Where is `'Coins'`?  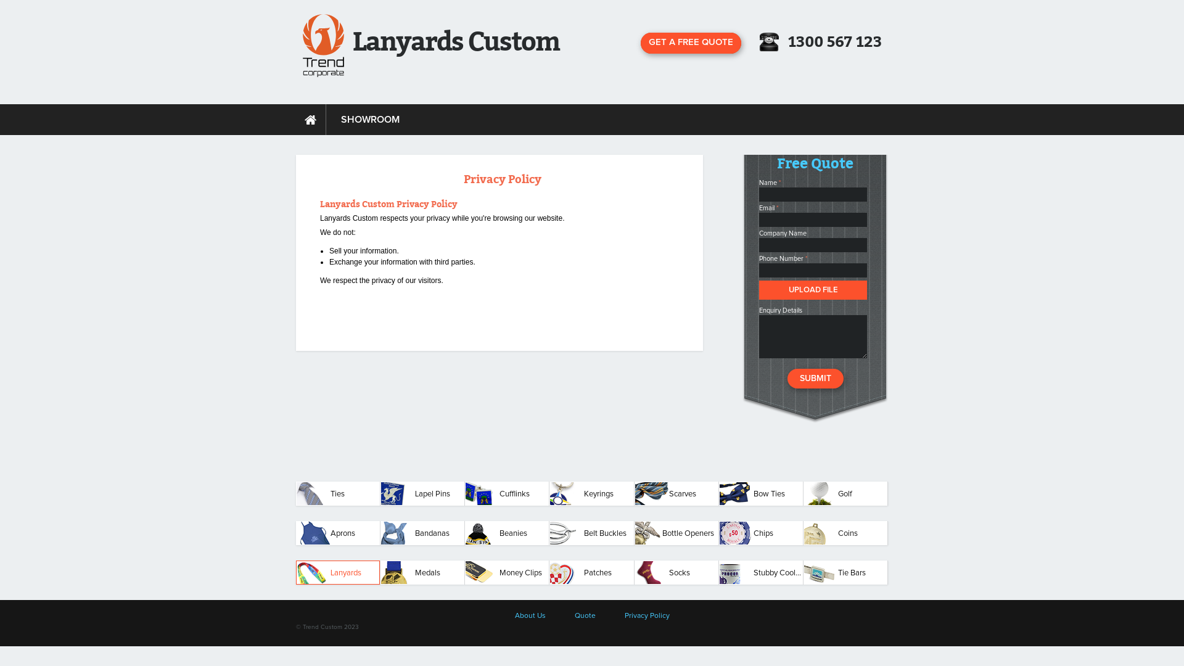
'Coins' is located at coordinates (845, 532).